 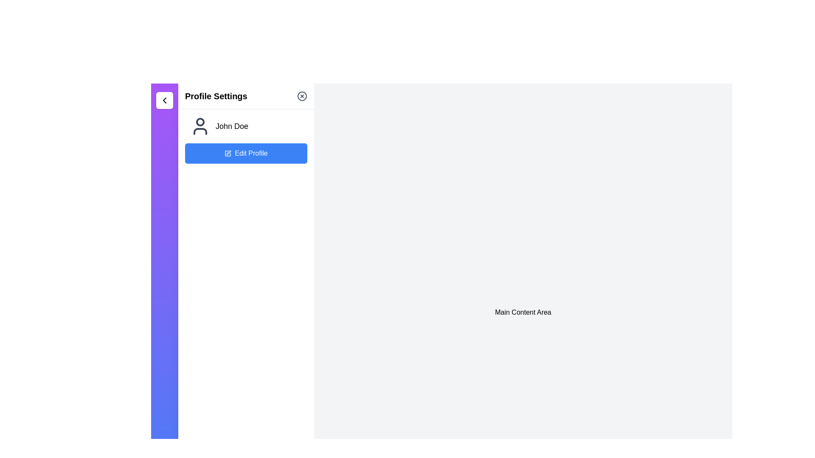 I want to click on the SVG circle component located above the user icon in the profile section, which is a circular shape with a stroke matching the theme color, so click(x=200, y=122).